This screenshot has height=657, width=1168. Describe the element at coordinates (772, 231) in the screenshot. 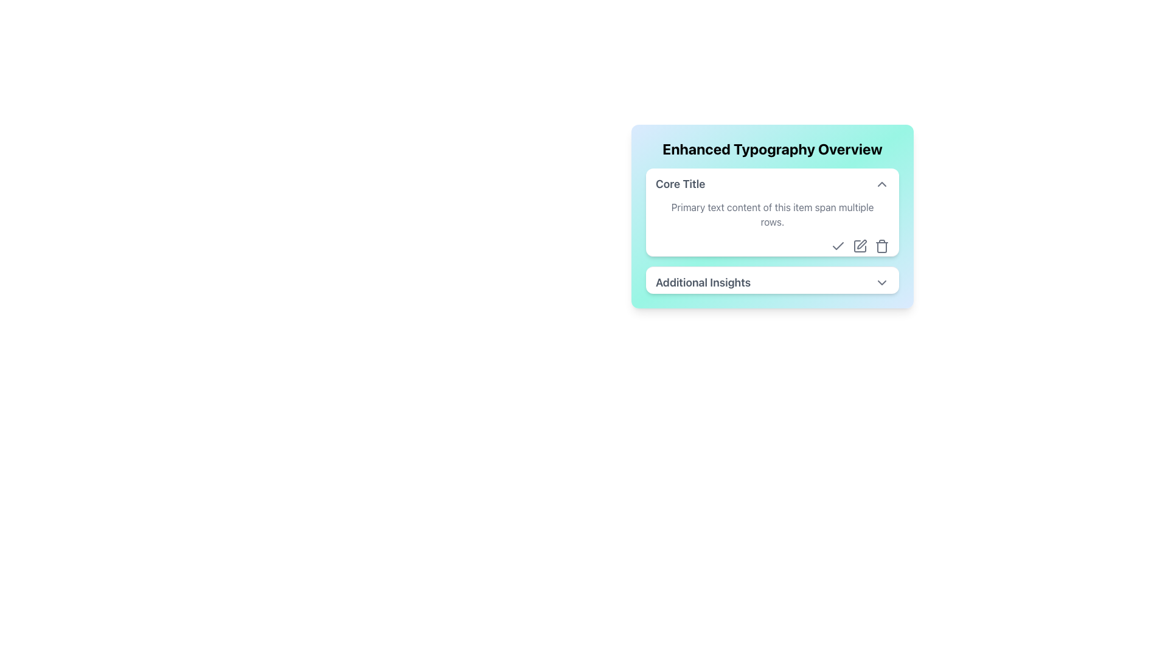

I see `text content from the Informational Card Section labeled 'Core Title' which is prominently displayed in a large, bold font` at that location.